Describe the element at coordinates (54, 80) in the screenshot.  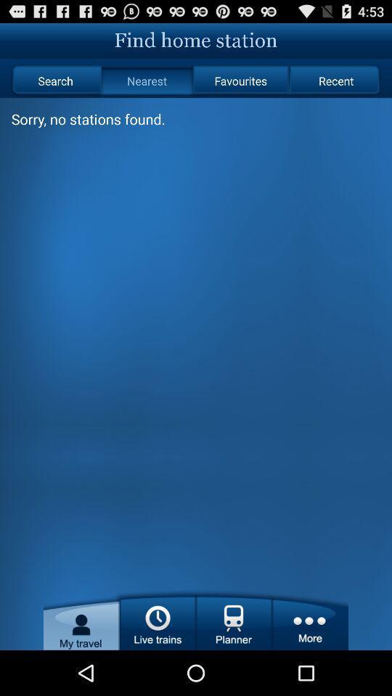
I see `the search` at that location.